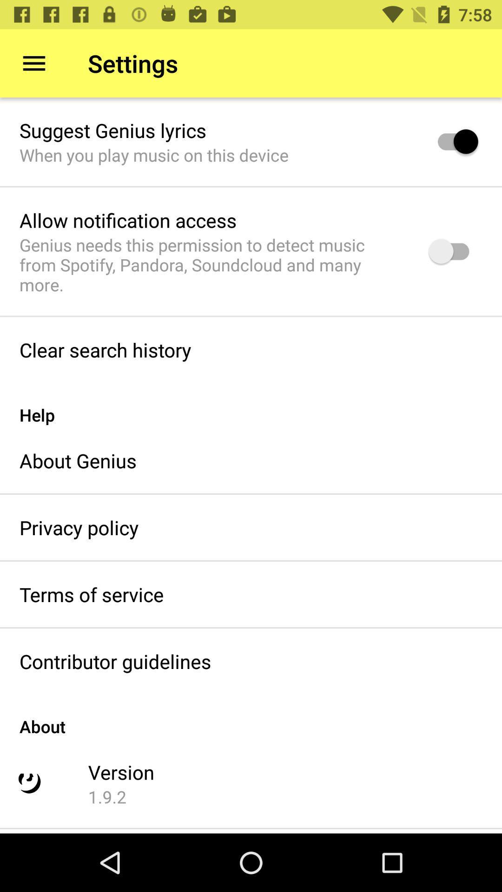  What do you see at coordinates (153, 155) in the screenshot?
I see `when you play` at bounding box center [153, 155].